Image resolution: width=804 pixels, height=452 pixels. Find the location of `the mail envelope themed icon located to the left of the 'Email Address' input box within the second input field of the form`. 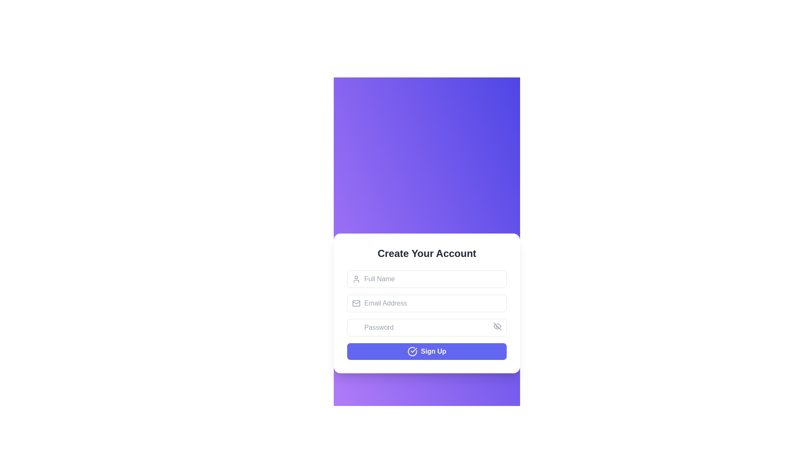

the mail envelope themed icon located to the left of the 'Email Address' input box within the second input field of the form is located at coordinates (356, 303).